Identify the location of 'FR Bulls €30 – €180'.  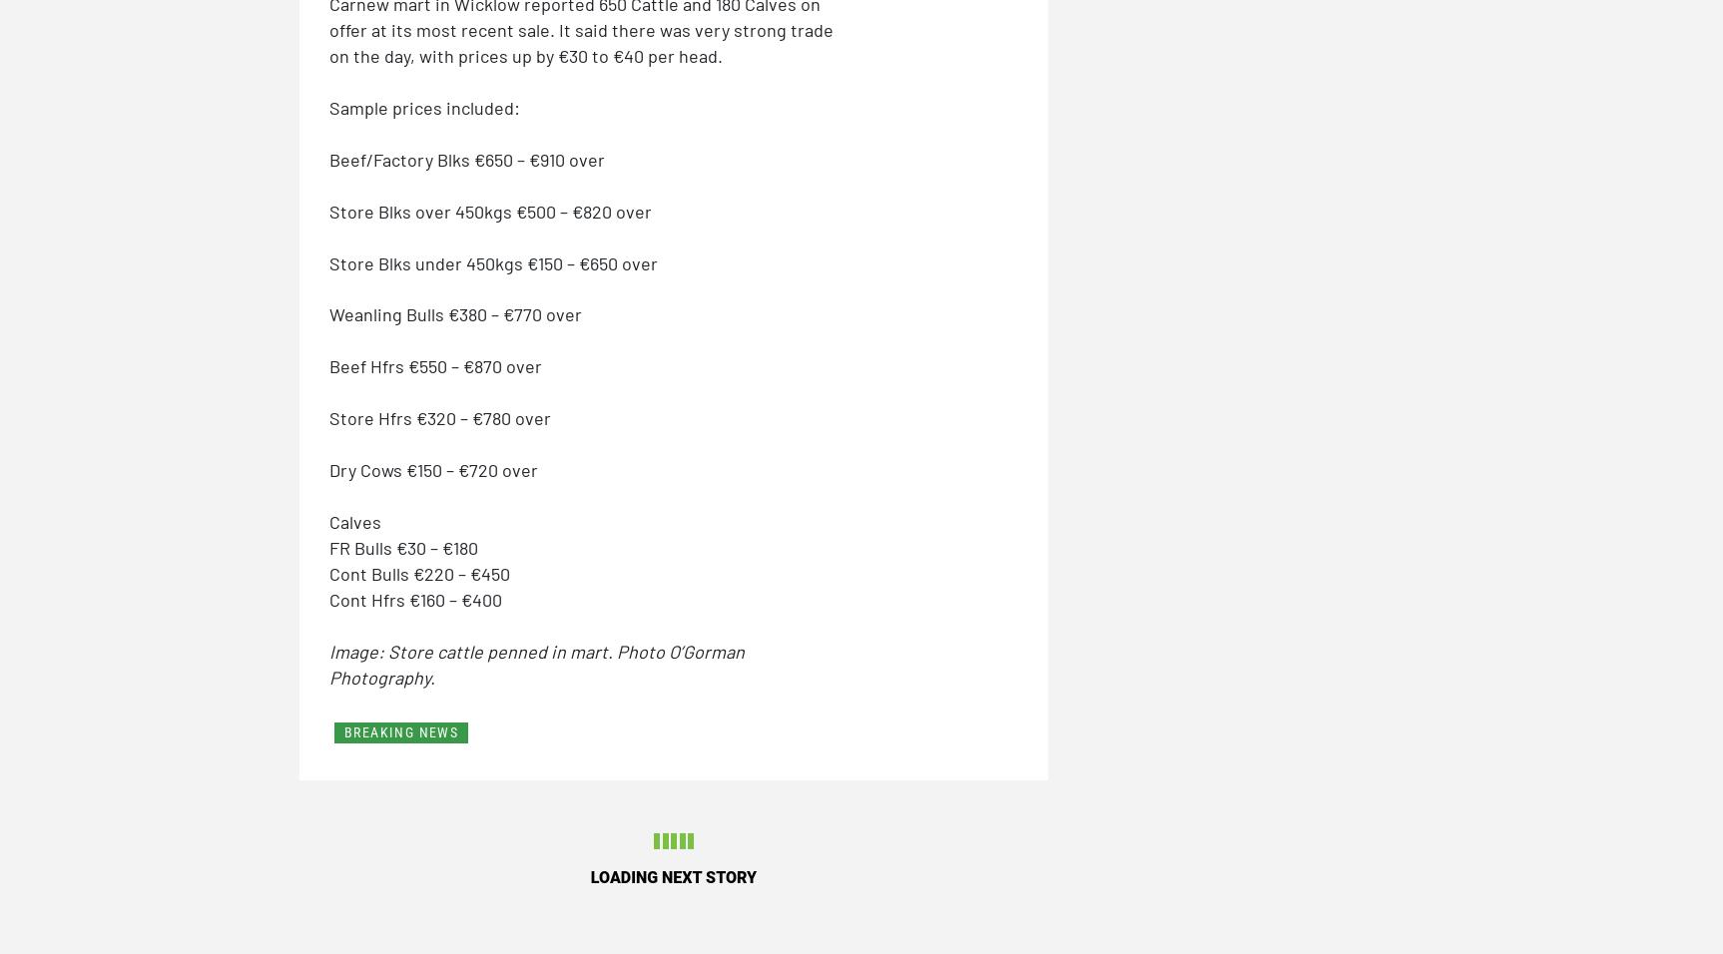
(403, 547).